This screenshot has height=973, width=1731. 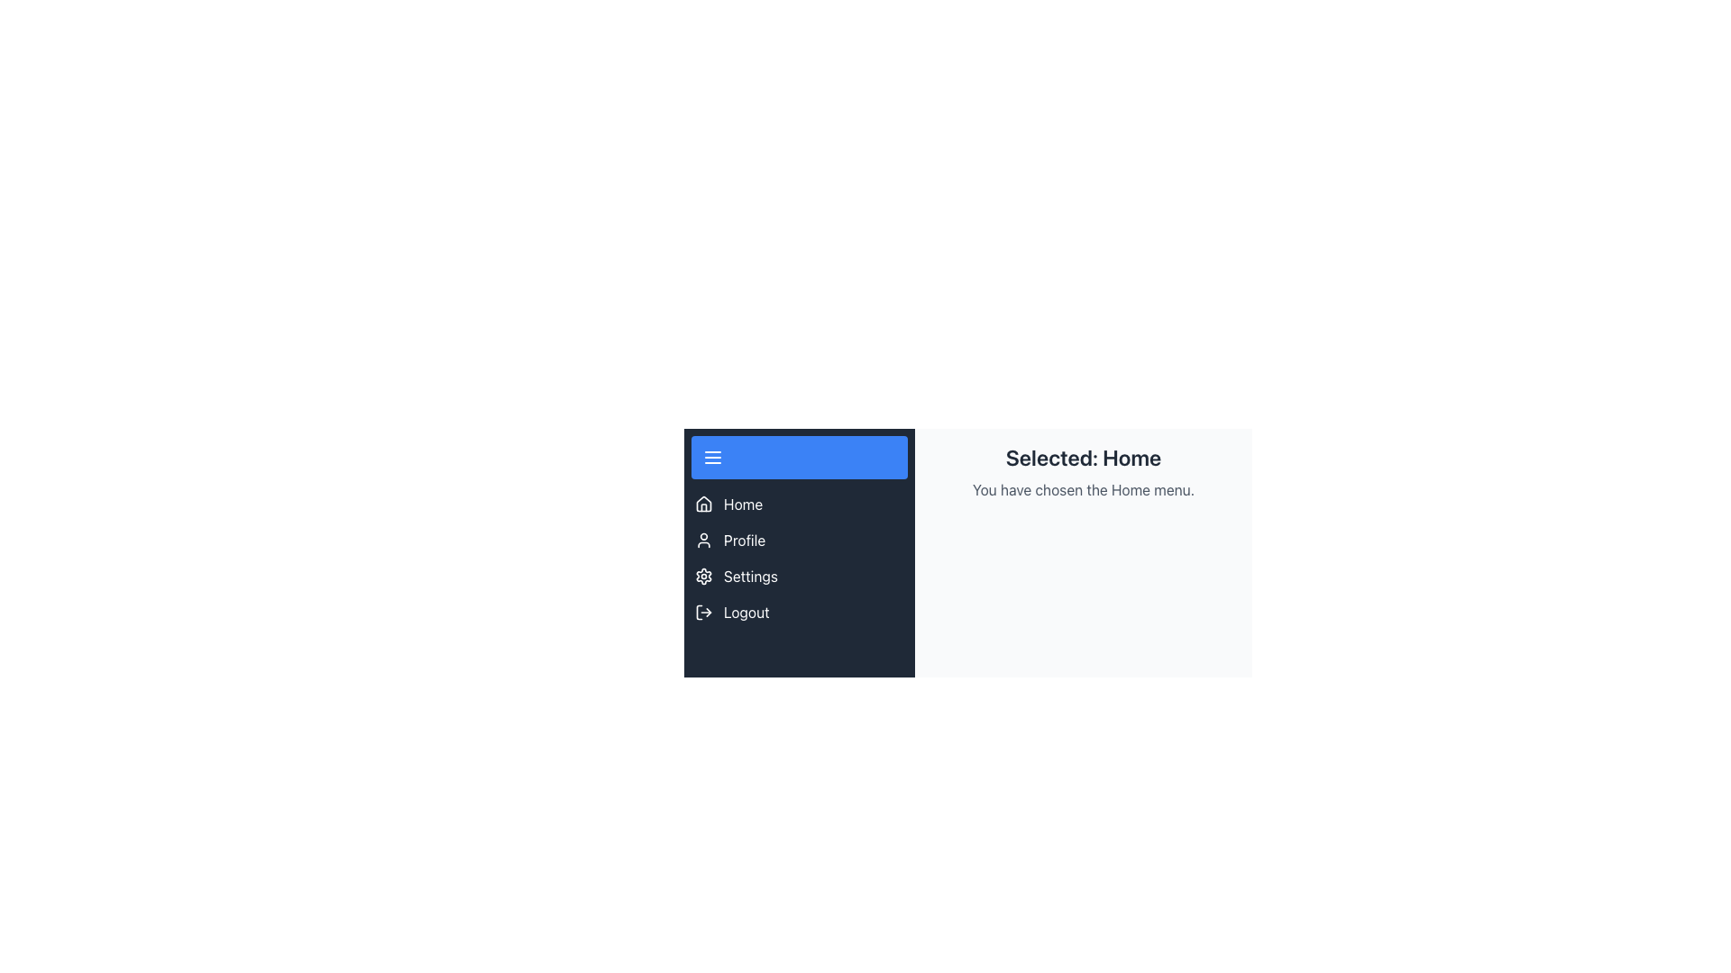 What do you see at coordinates (799, 540) in the screenshot?
I see `the 'Profile' navigation button located in the vertical menu, positioned below the 'Home' button and above the 'Settings' button` at bounding box center [799, 540].